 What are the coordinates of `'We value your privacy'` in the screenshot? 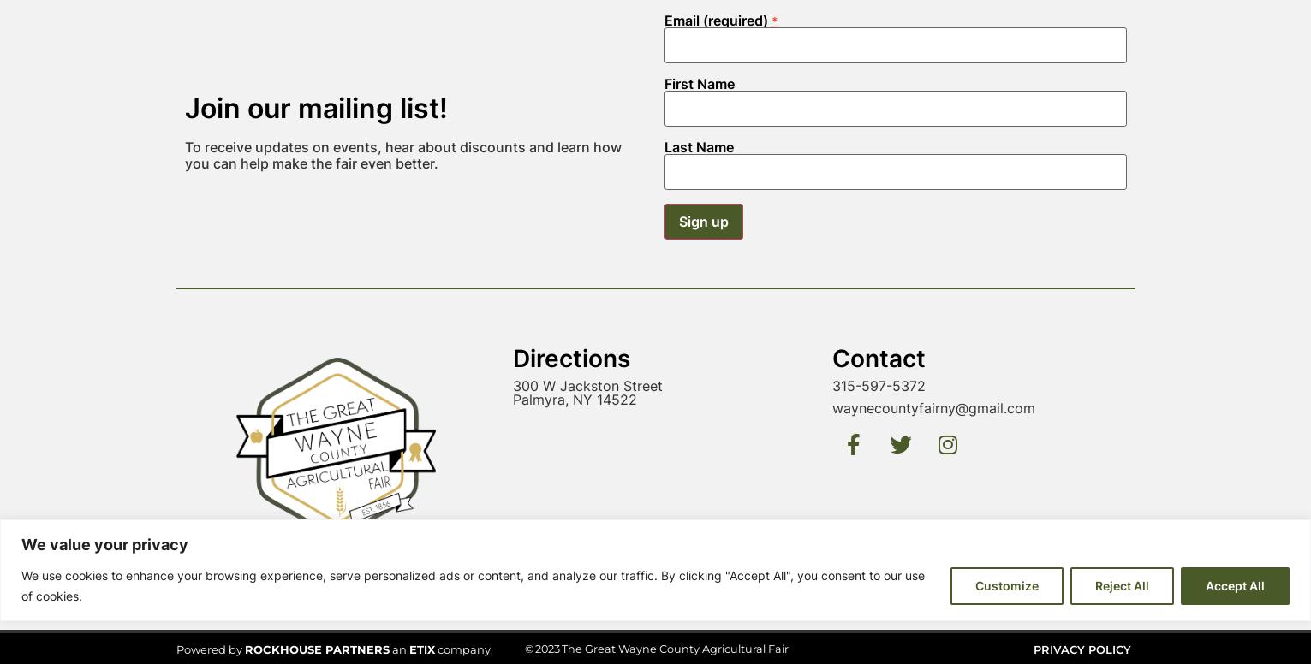 It's located at (21, 305).